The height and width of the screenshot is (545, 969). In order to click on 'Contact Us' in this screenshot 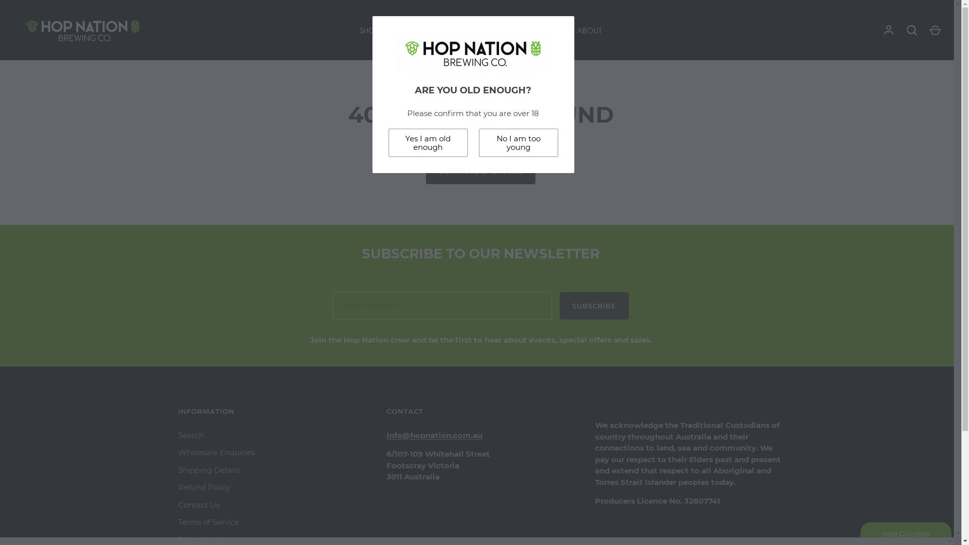, I will do `click(198, 505)`.